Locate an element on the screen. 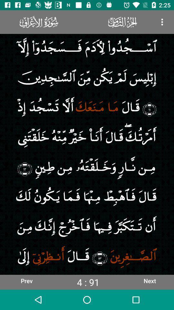 This screenshot has height=310, width=174. prev item is located at coordinates (26, 280).